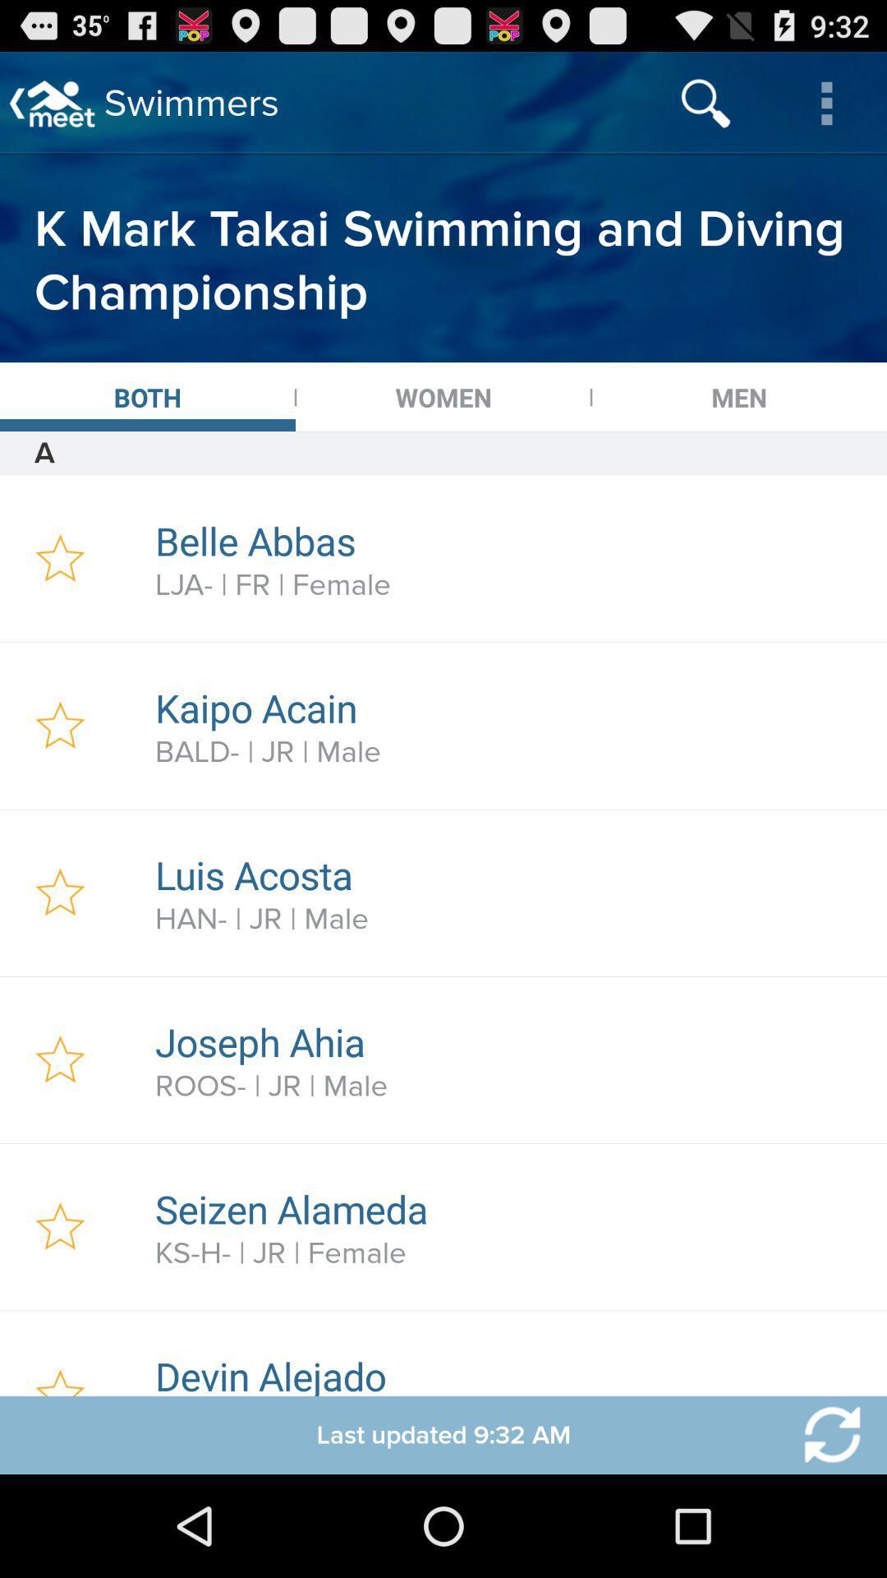  What do you see at coordinates (59, 1060) in the screenshot?
I see `favourite` at bounding box center [59, 1060].